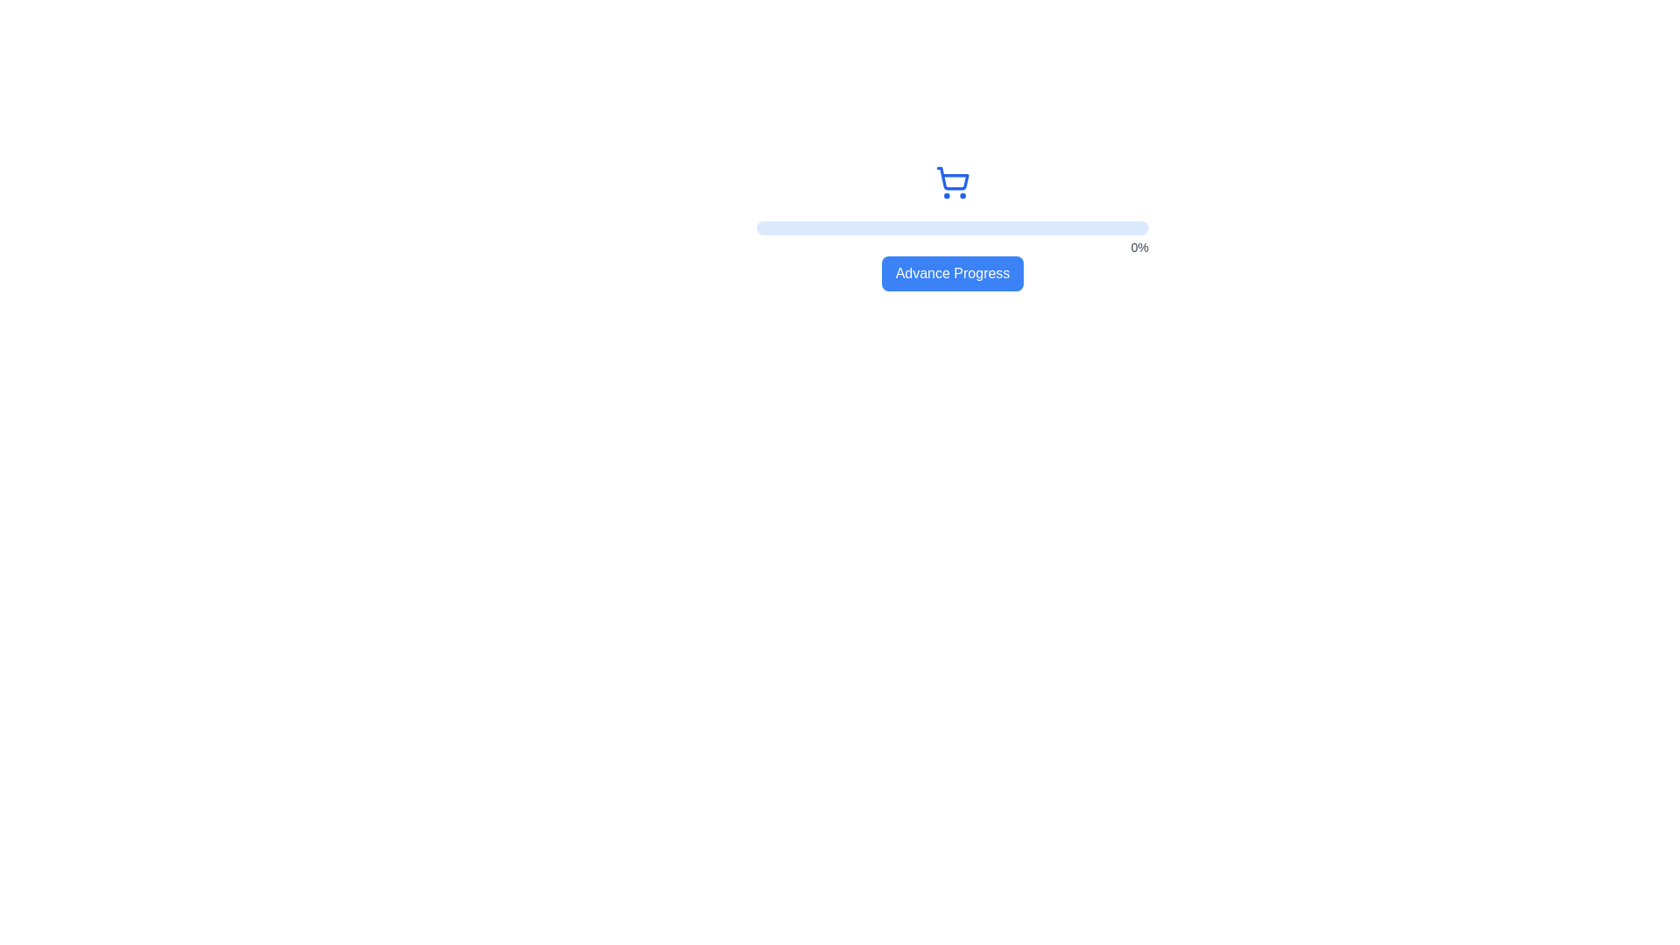  What do you see at coordinates (952, 178) in the screenshot?
I see `the main basket body of the shopping cart icon, which is the central component of the shopping cart interface` at bounding box center [952, 178].